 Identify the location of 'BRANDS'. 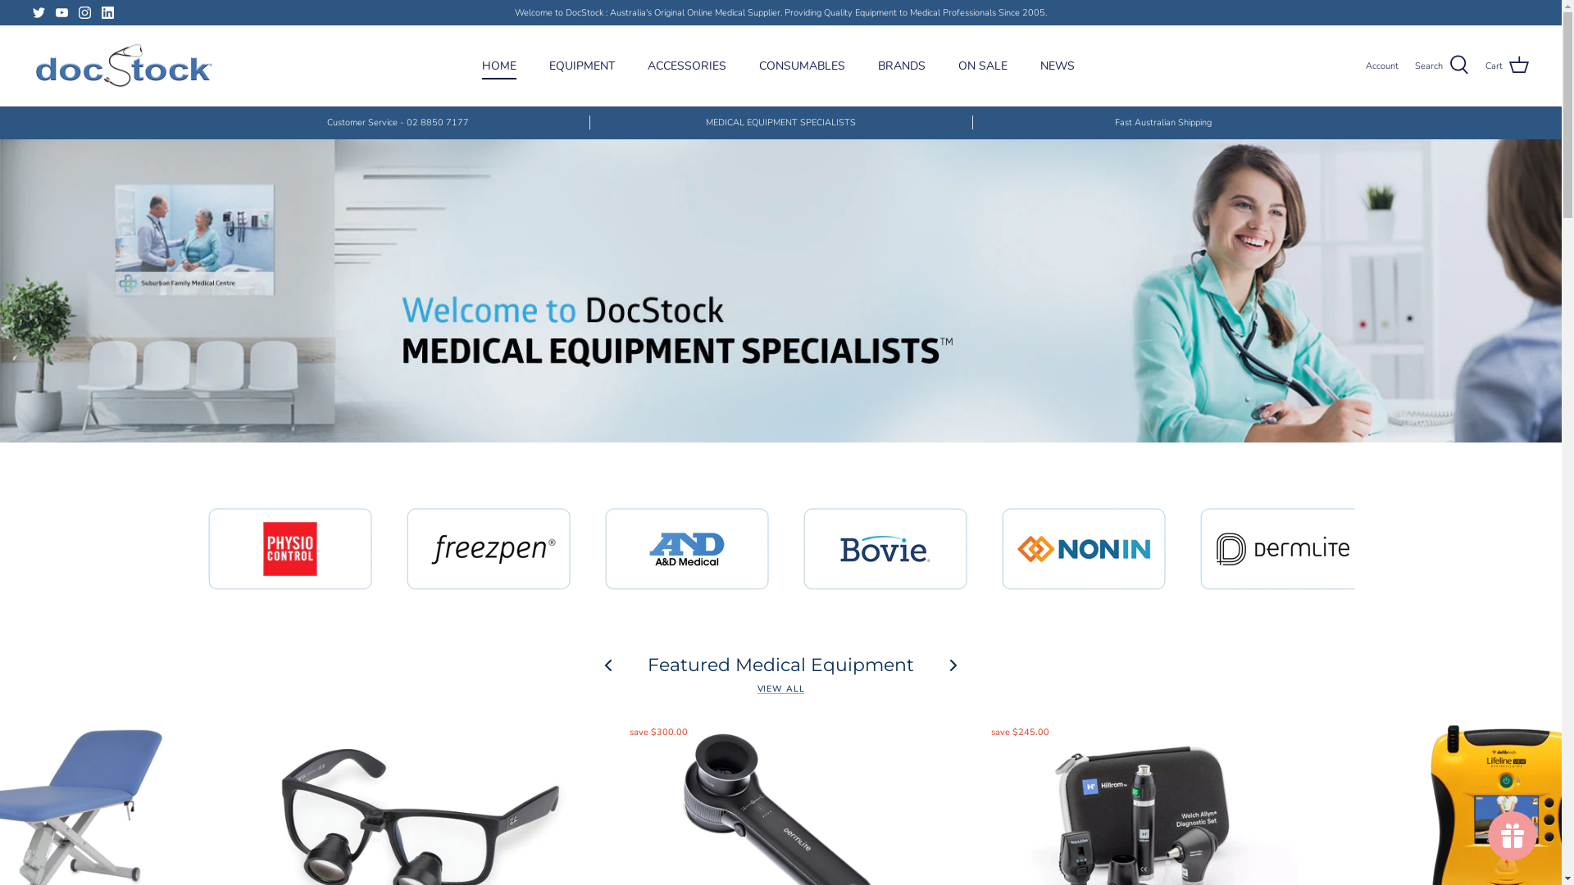
(900, 65).